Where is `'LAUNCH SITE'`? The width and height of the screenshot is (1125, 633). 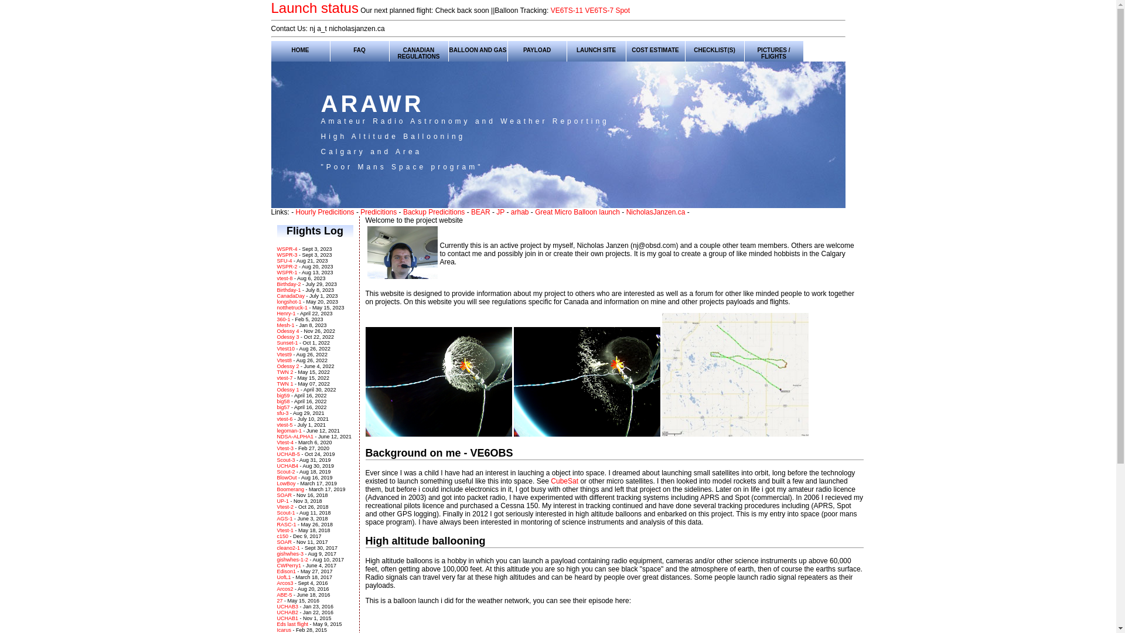
'LAUNCH SITE' is located at coordinates (596, 49).